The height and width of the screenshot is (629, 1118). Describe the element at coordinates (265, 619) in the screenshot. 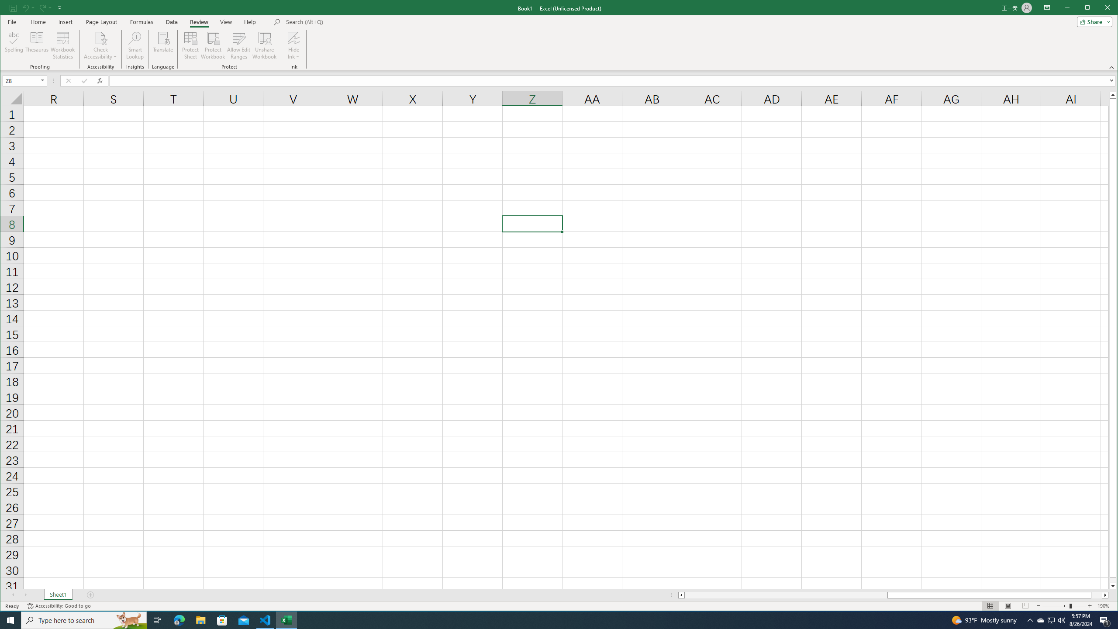

I see `'Visual Studio Code - 1 running window'` at that location.